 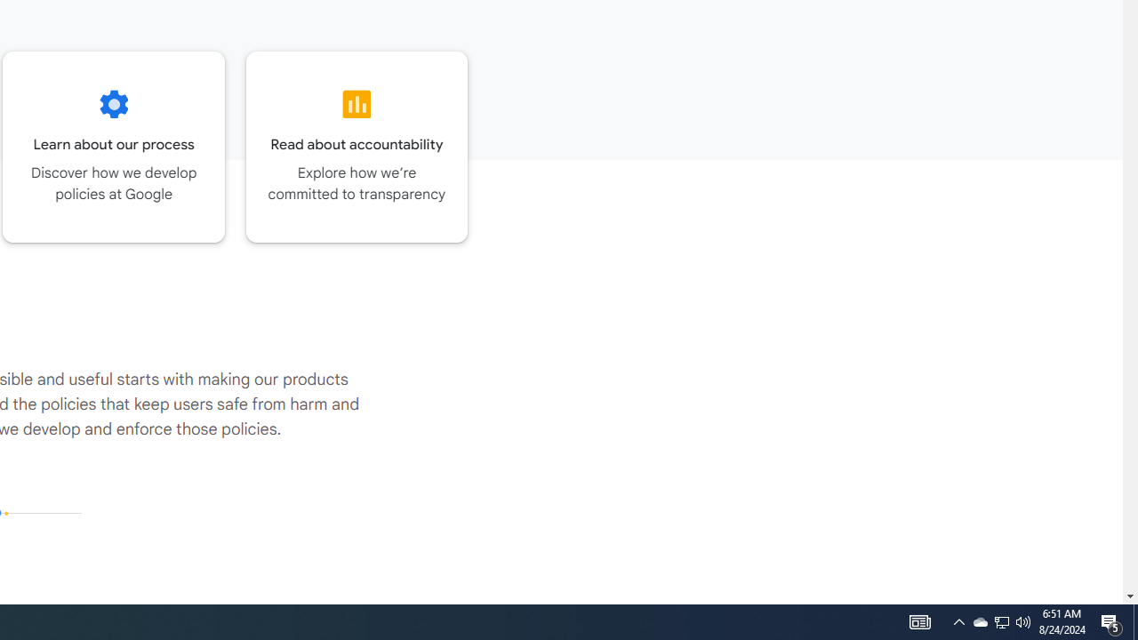 What do you see at coordinates (113, 146) in the screenshot?
I see `'Go to the Our process page'` at bounding box center [113, 146].